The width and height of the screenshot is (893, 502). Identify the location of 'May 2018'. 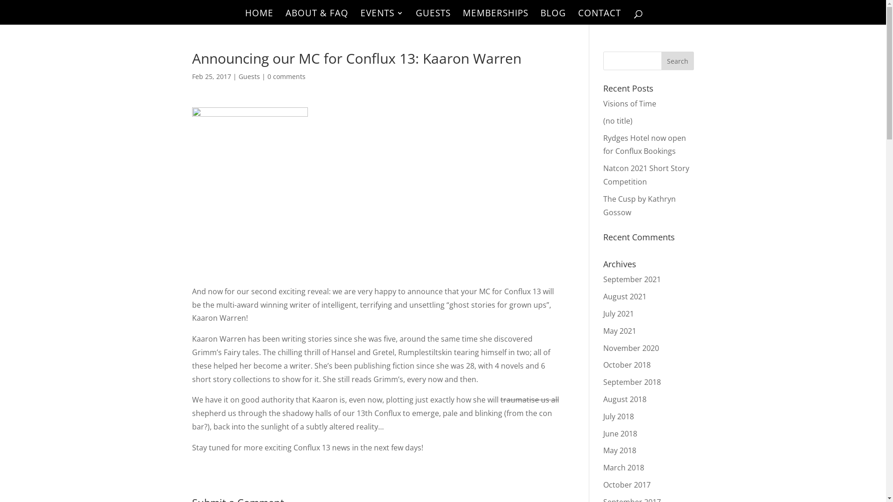
(603, 449).